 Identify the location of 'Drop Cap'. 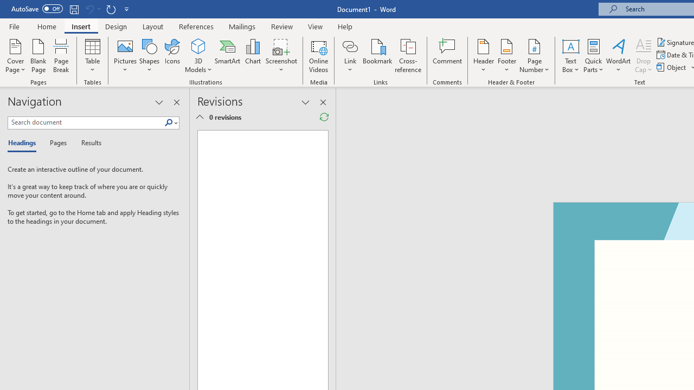
(644, 56).